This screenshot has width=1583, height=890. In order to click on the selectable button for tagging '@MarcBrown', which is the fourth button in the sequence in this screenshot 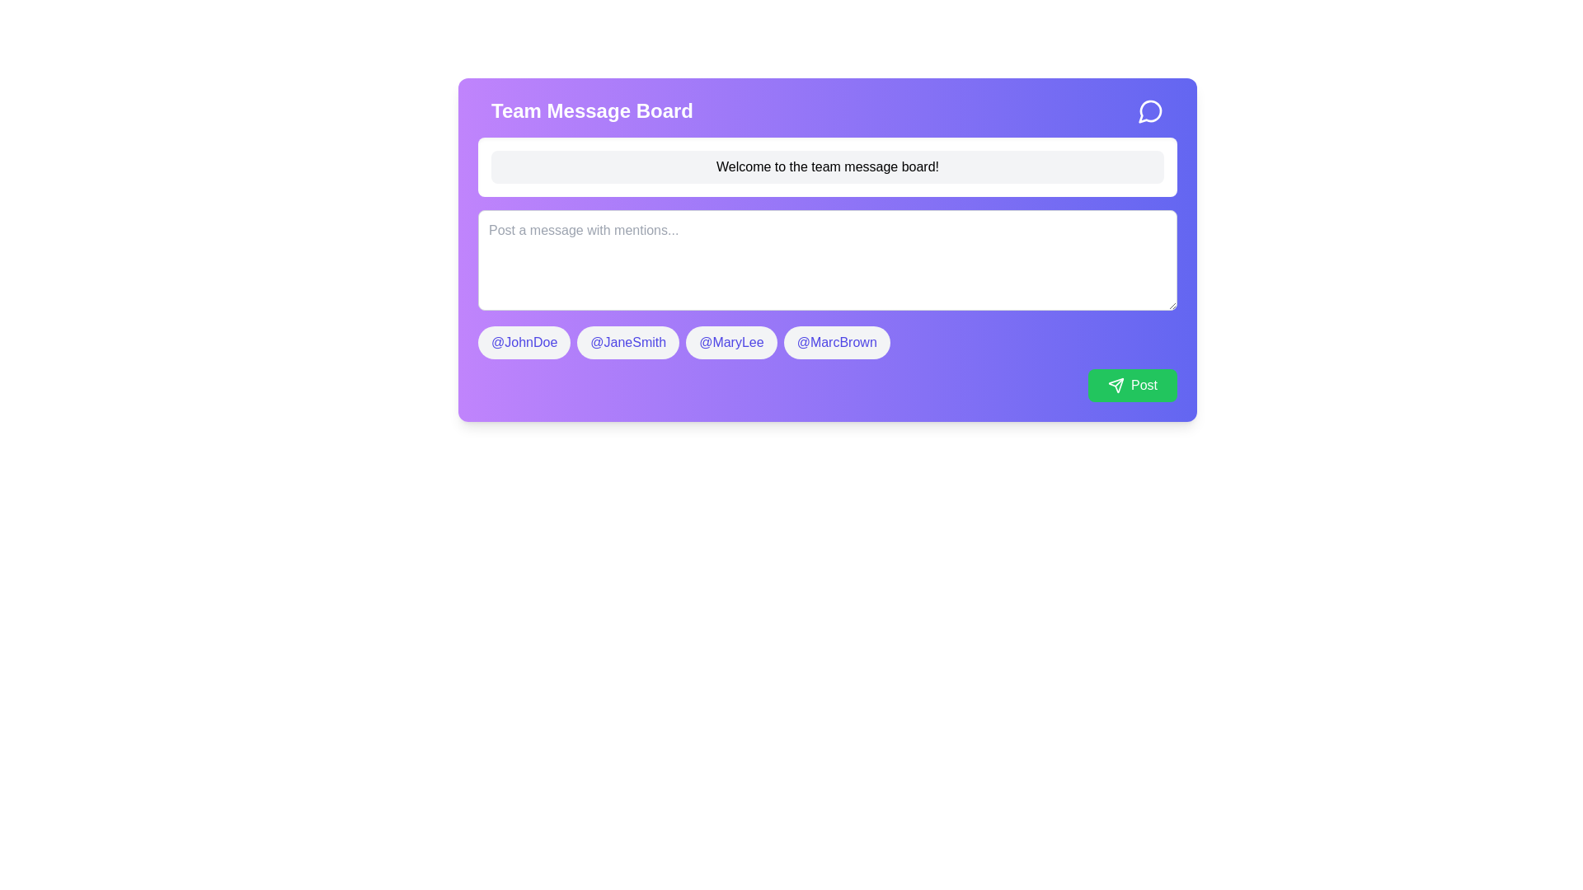, I will do `click(837, 342)`.